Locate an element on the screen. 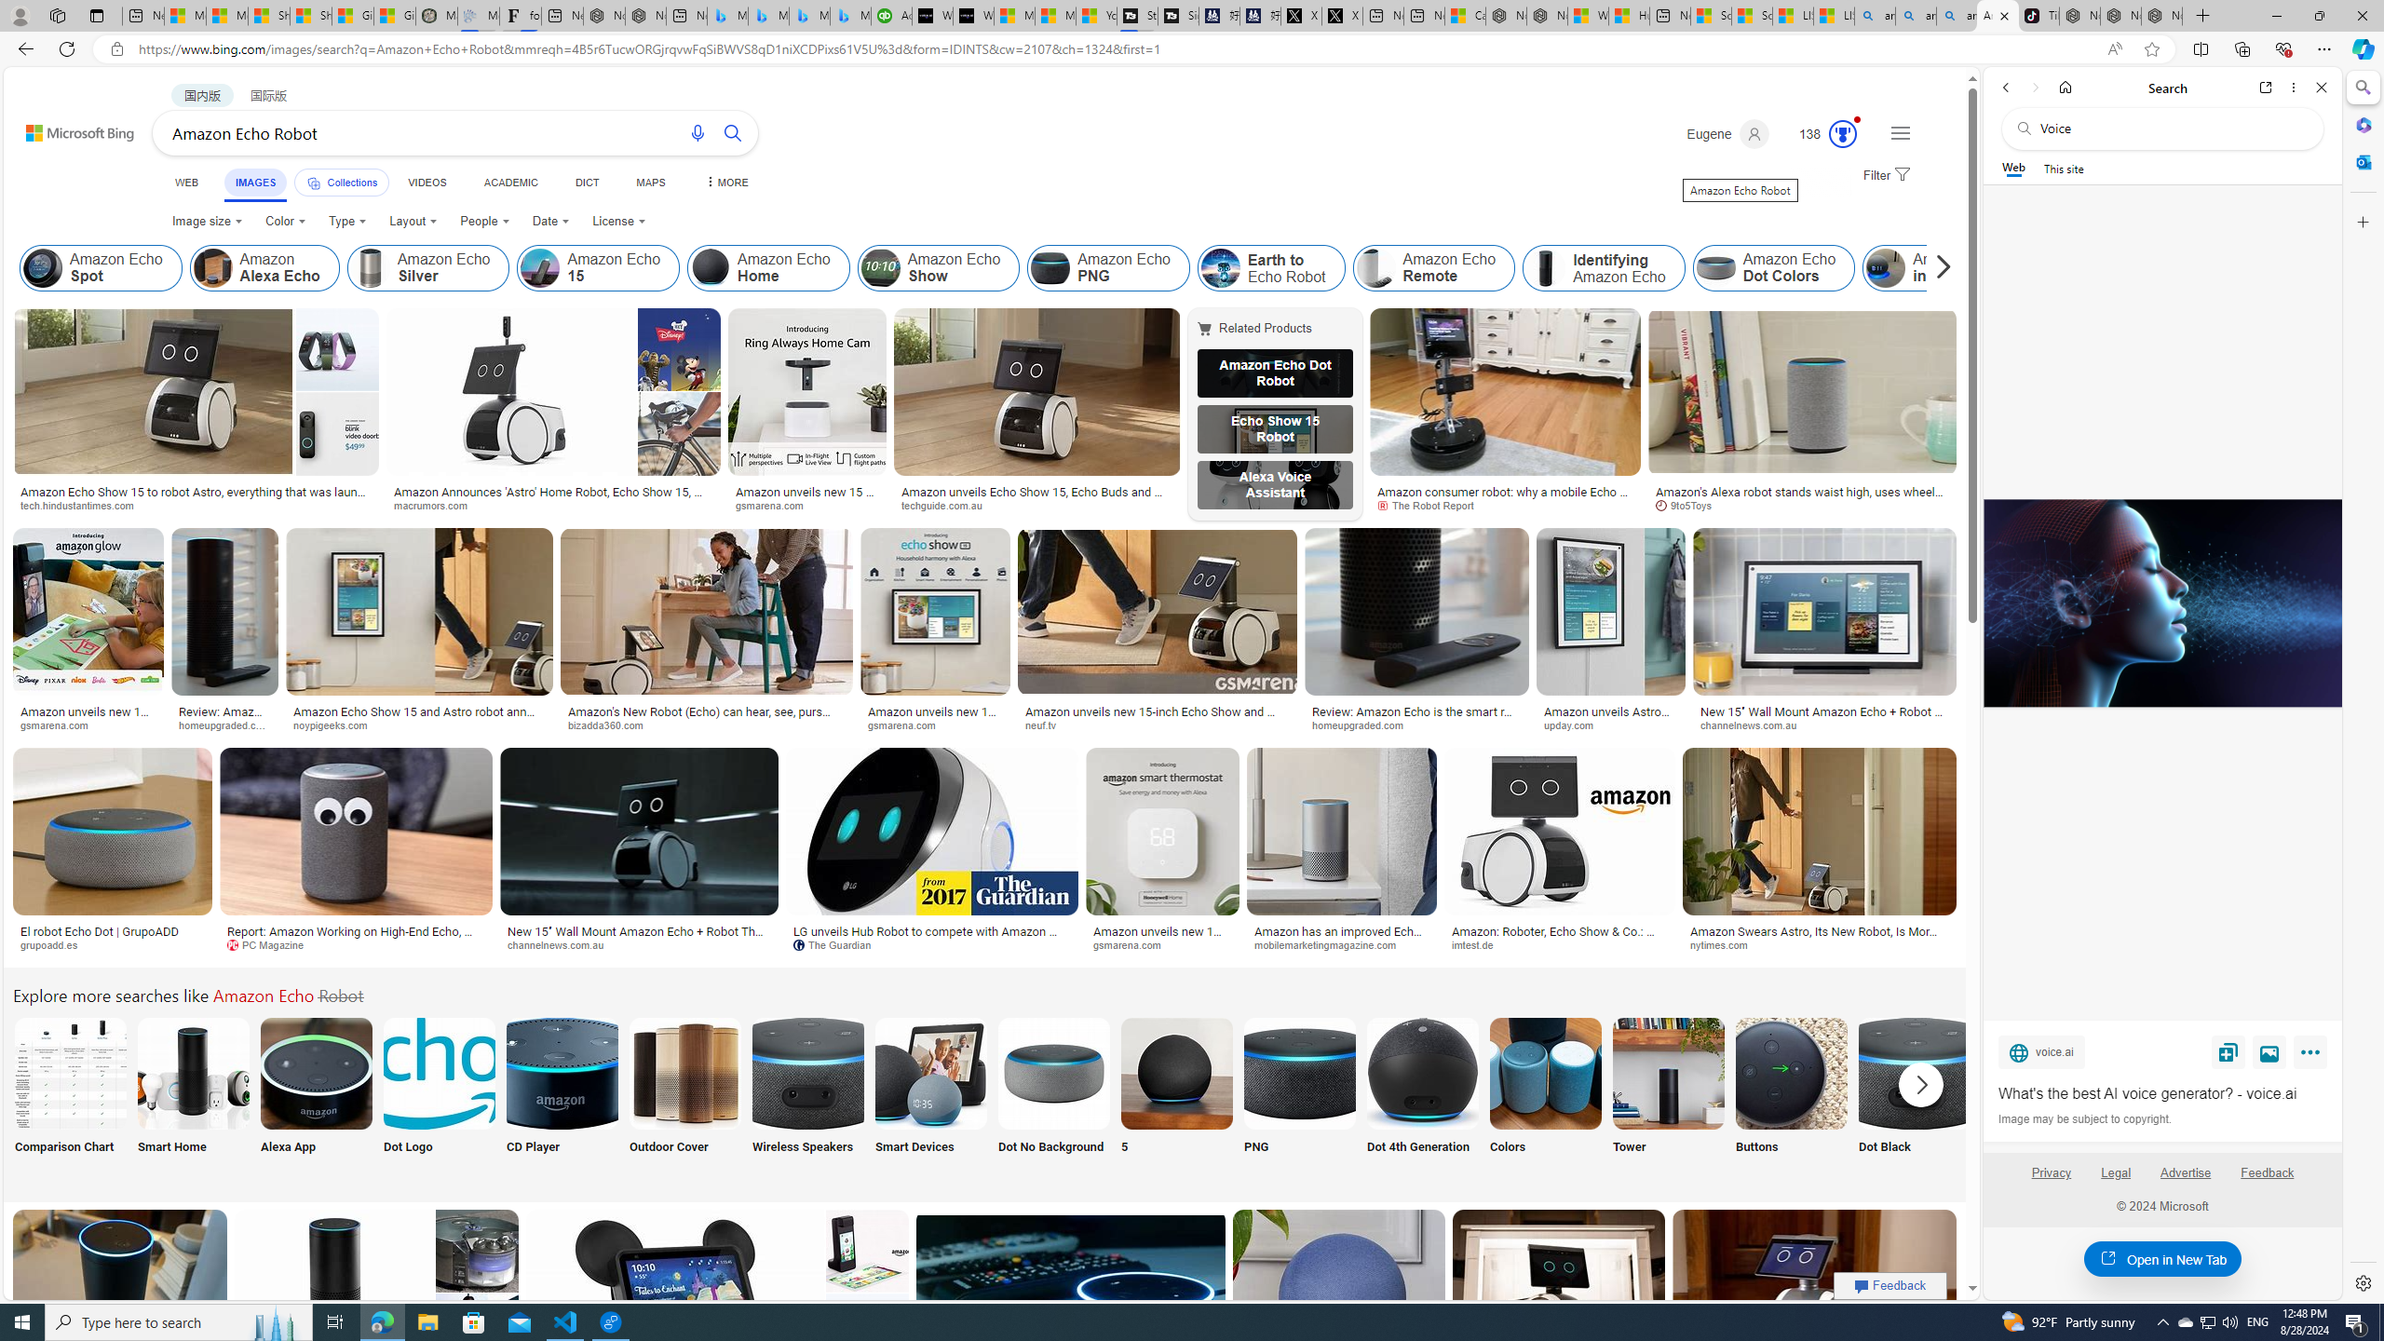 Image resolution: width=2384 pixels, height=1341 pixels. 'imtest.de' is located at coordinates (1478, 944).